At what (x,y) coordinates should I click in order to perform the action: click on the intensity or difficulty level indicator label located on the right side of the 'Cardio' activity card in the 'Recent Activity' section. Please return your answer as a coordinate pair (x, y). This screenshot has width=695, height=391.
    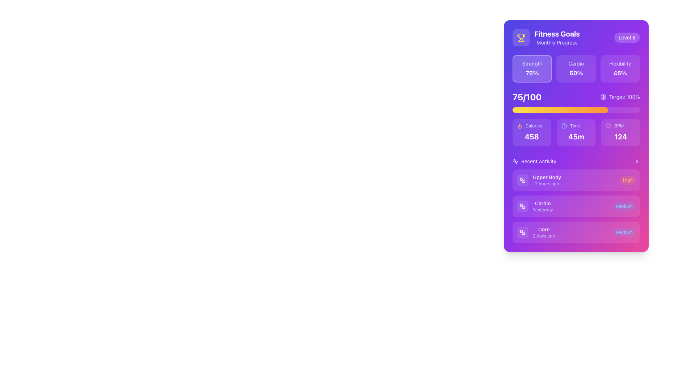
    Looking at the image, I should click on (624, 206).